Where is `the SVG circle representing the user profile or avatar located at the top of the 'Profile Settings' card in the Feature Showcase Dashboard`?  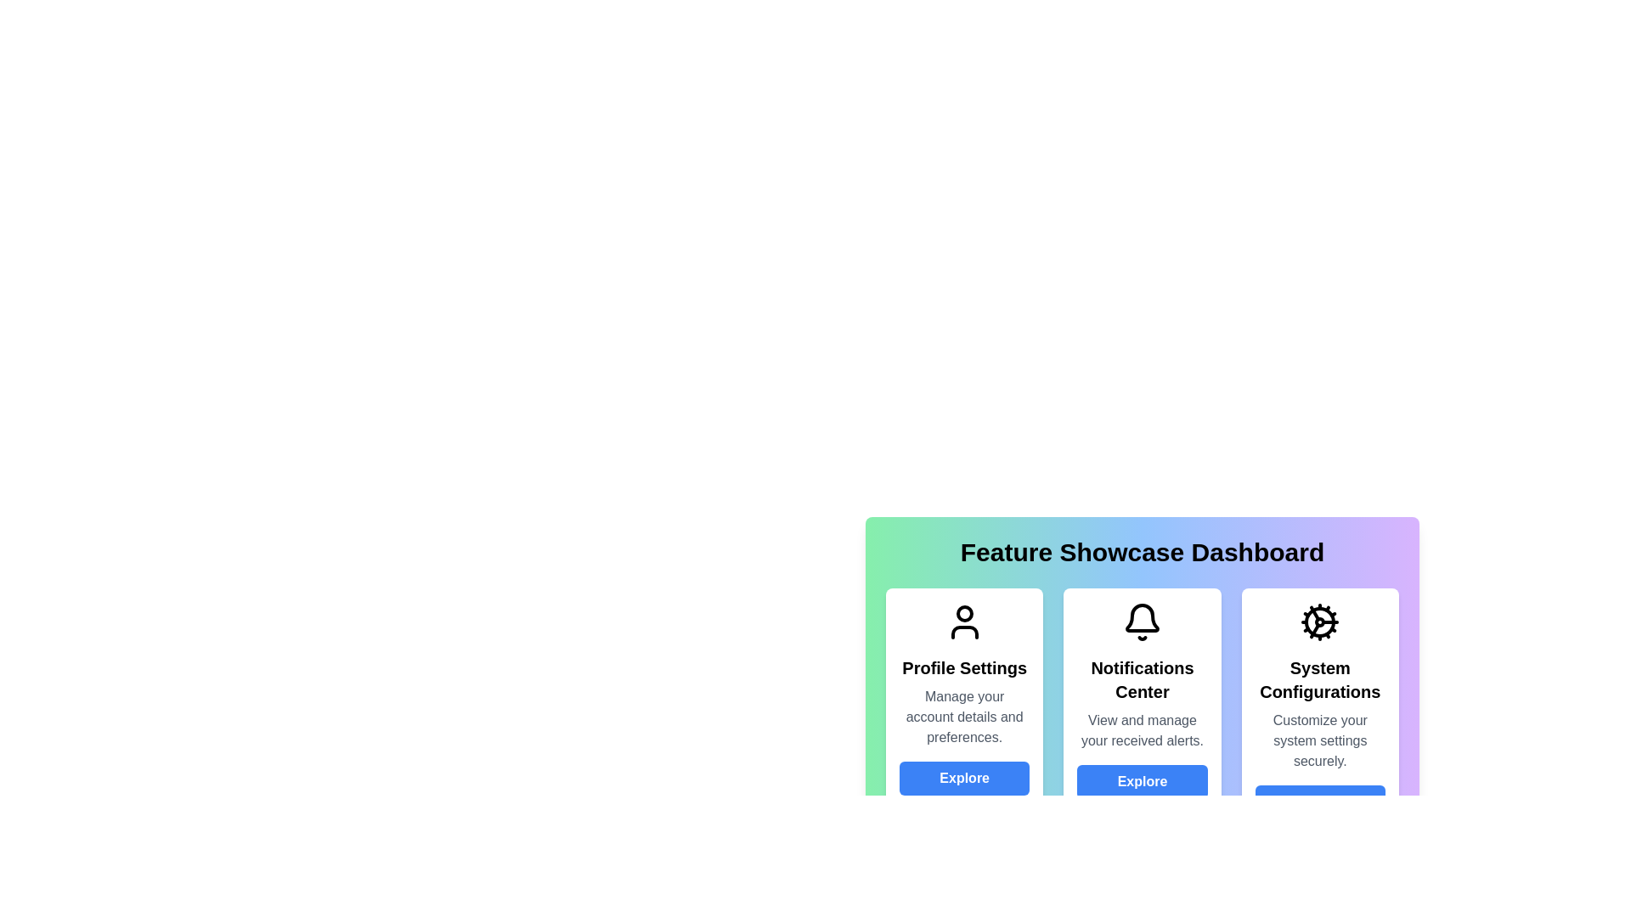
the SVG circle representing the user profile or avatar located at the top of the 'Profile Settings' card in the Feature Showcase Dashboard is located at coordinates (964, 613).